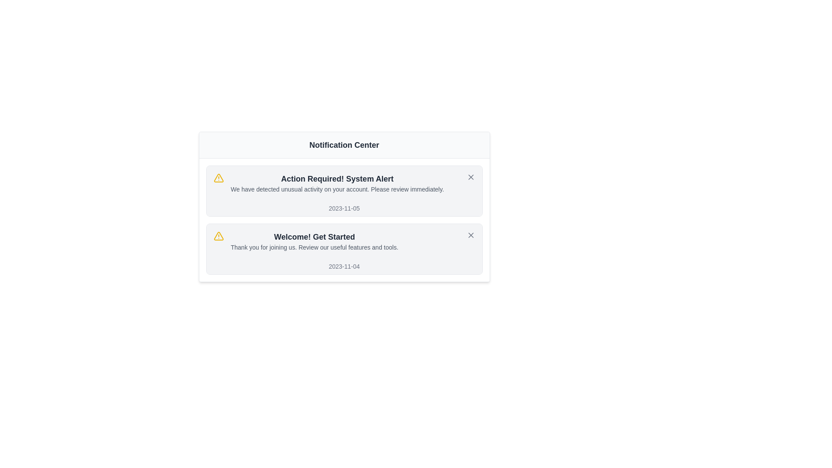  I want to click on text from the 'Notification Center' label, which is a bold and large dark gray text against a light gray background, located at the top of the interface, so click(344, 145).